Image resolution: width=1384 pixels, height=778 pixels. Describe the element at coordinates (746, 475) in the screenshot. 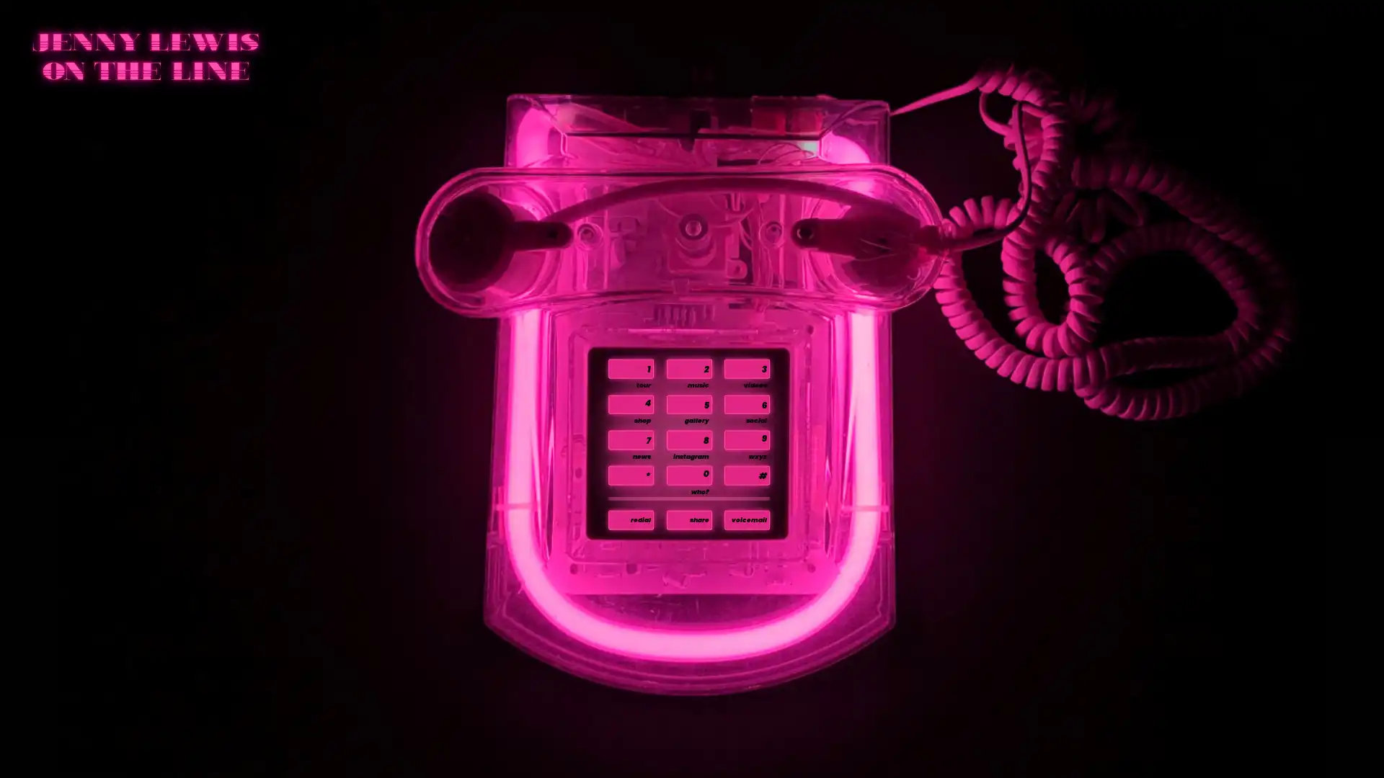

I see `#` at that location.